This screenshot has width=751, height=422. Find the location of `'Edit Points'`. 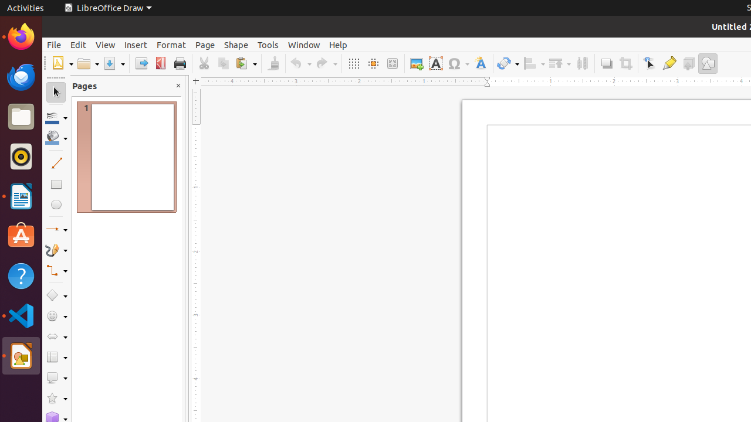

'Edit Points' is located at coordinates (649, 63).